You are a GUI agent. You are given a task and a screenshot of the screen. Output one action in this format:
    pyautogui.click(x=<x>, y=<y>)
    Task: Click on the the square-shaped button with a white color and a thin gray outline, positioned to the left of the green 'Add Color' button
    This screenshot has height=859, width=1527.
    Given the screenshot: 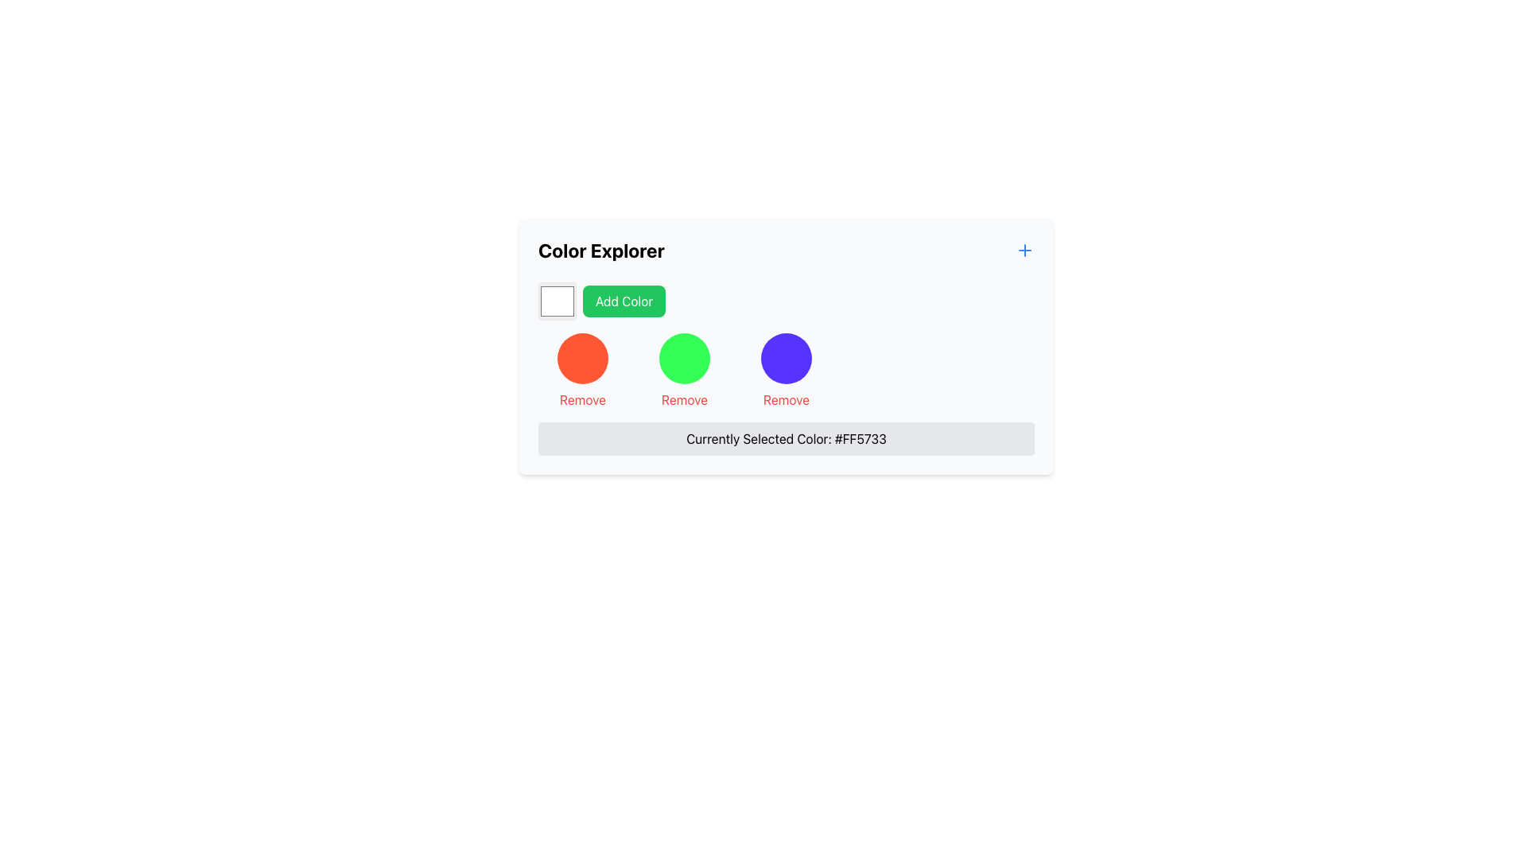 What is the action you would take?
    pyautogui.click(x=557, y=301)
    